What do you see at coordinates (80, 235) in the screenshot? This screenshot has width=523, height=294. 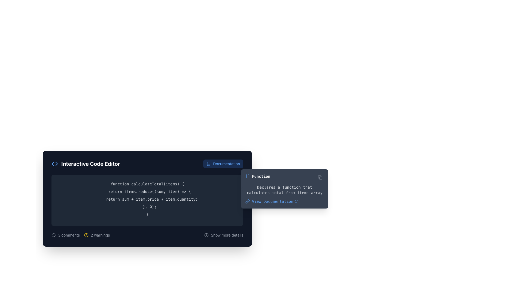 I see `the Status indicator located at the bottom-left corner of the 'Interactive Code Editor' panel` at bounding box center [80, 235].